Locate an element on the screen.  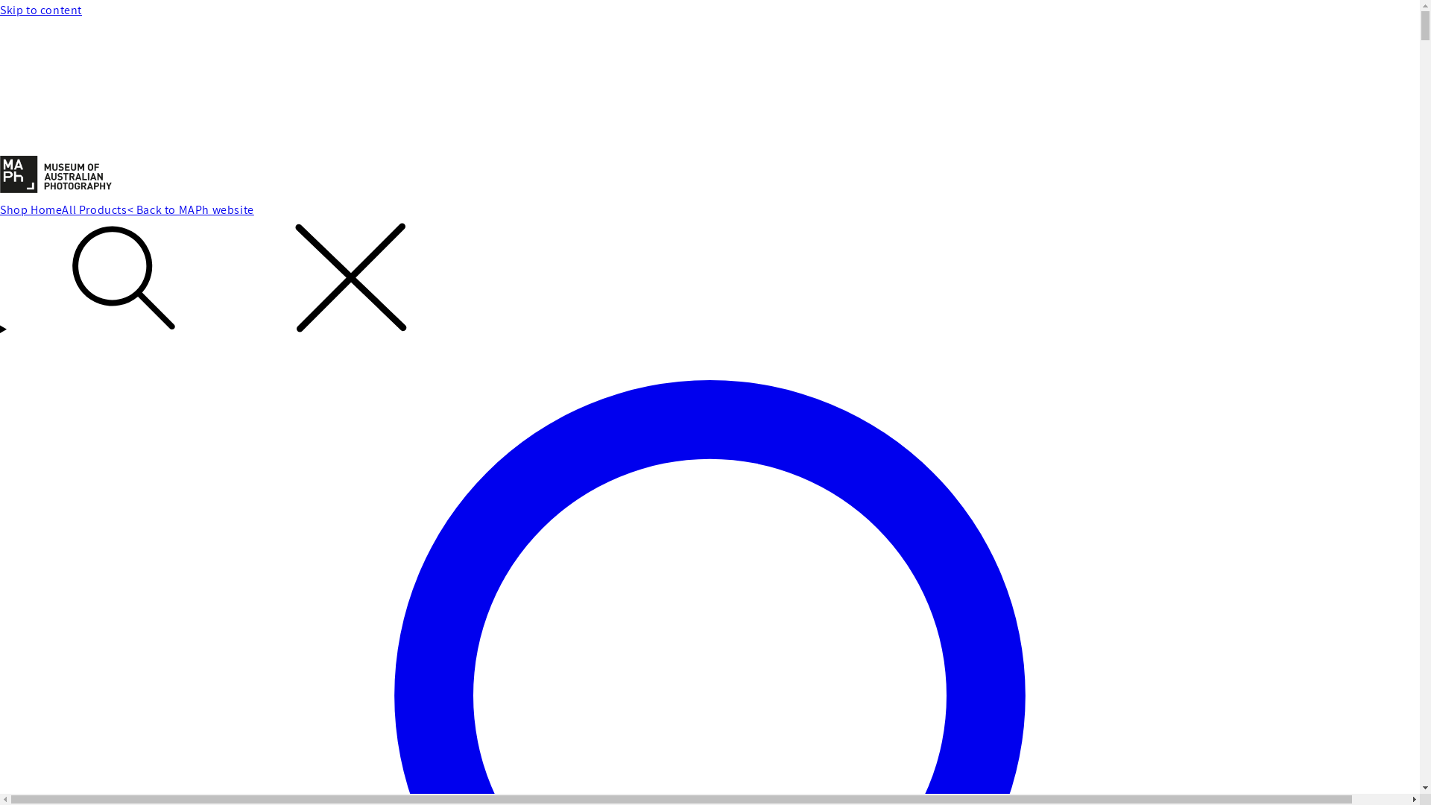
'< Back to MAPh website' is located at coordinates (189, 210).